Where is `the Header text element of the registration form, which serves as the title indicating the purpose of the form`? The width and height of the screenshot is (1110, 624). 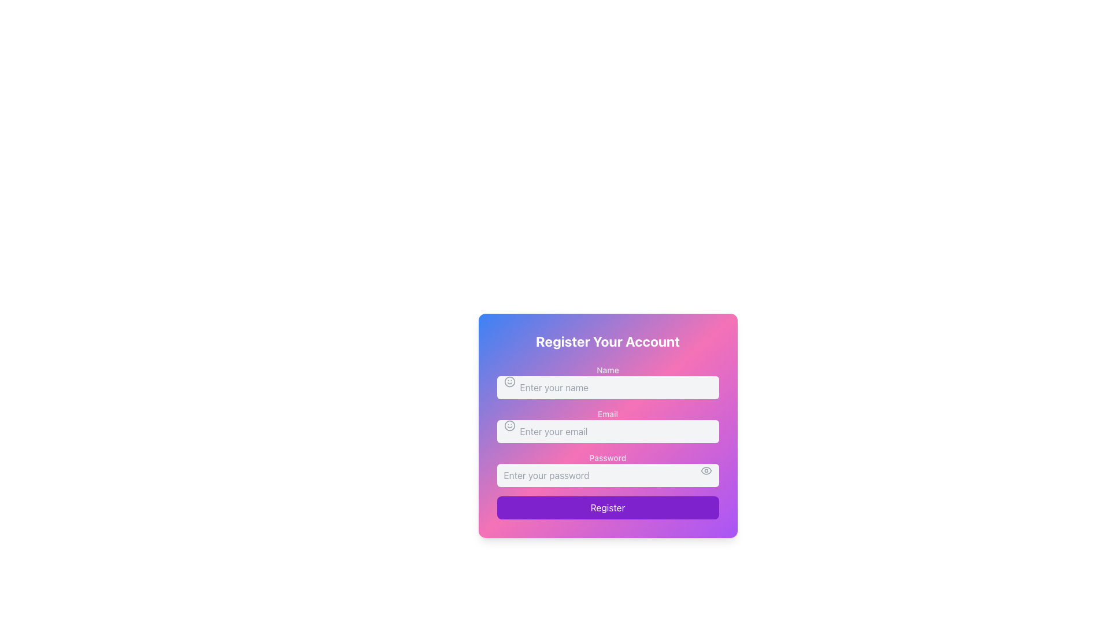 the Header text element of the registration form, which serves as the title indicating the purpose of the form is located at coordinates (607, 340).